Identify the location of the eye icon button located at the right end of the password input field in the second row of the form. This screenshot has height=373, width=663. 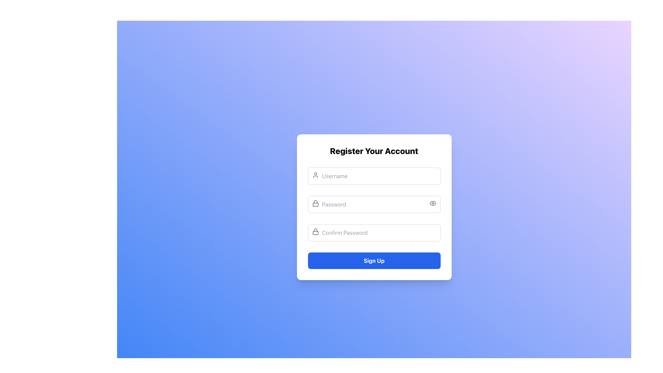
(432, 203).